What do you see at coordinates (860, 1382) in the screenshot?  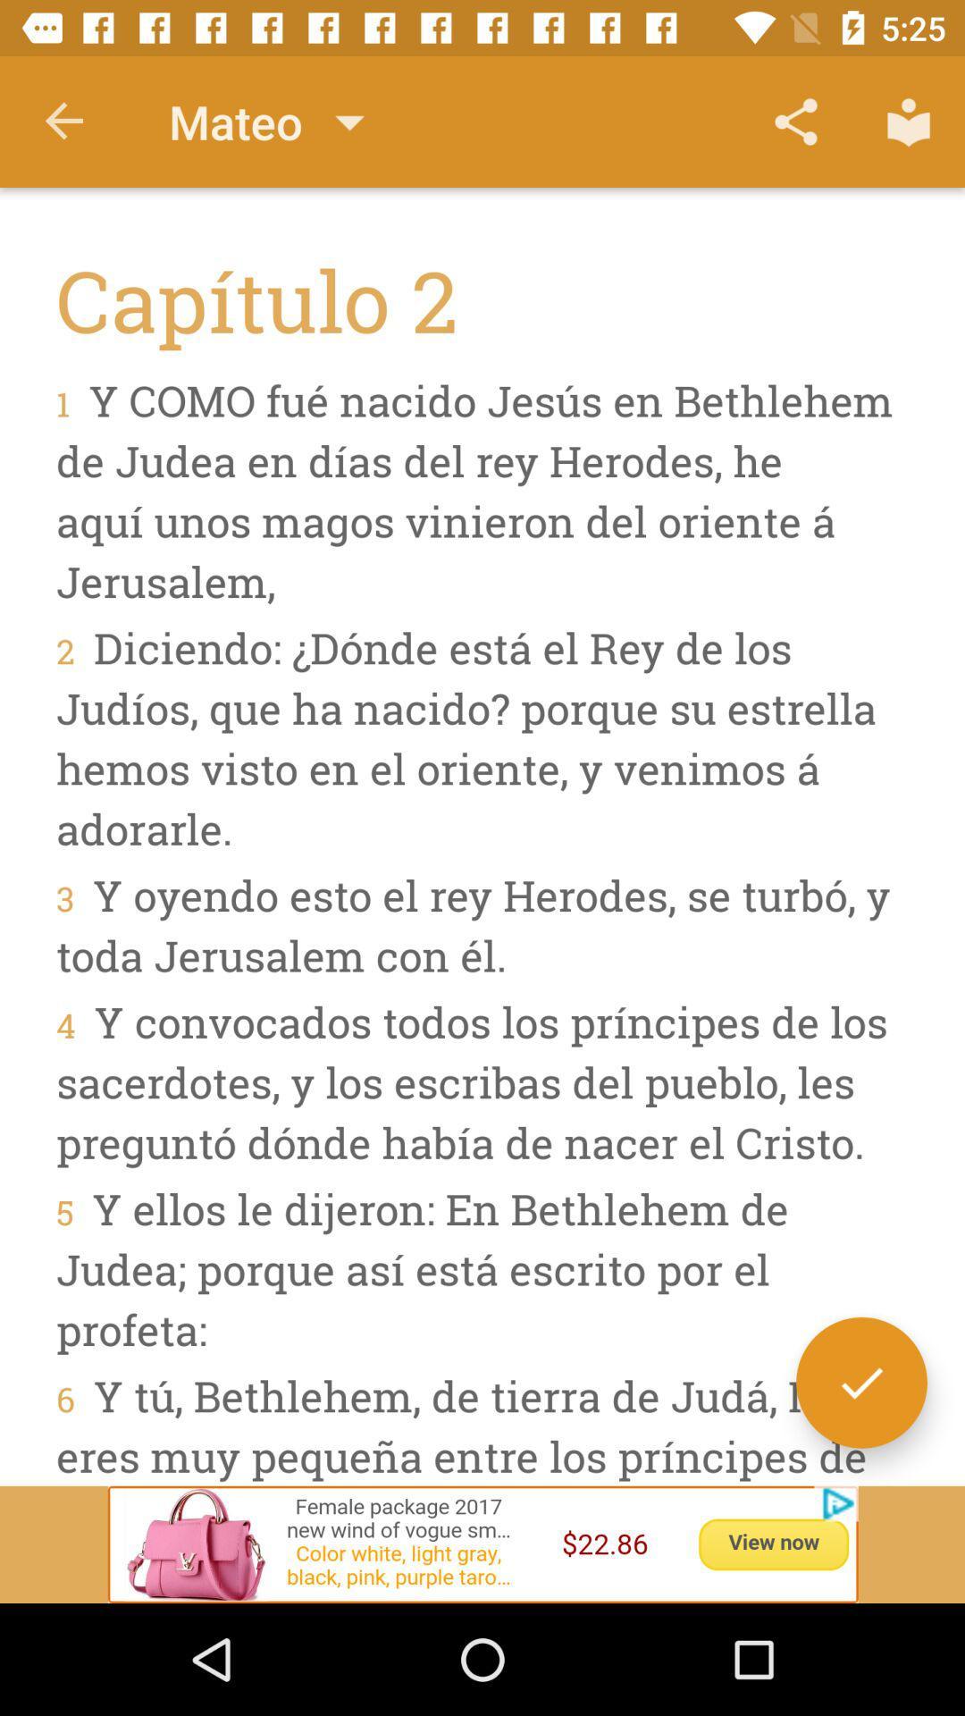 I see `item below 4 y convocados` at bounding box center [860, 1382].